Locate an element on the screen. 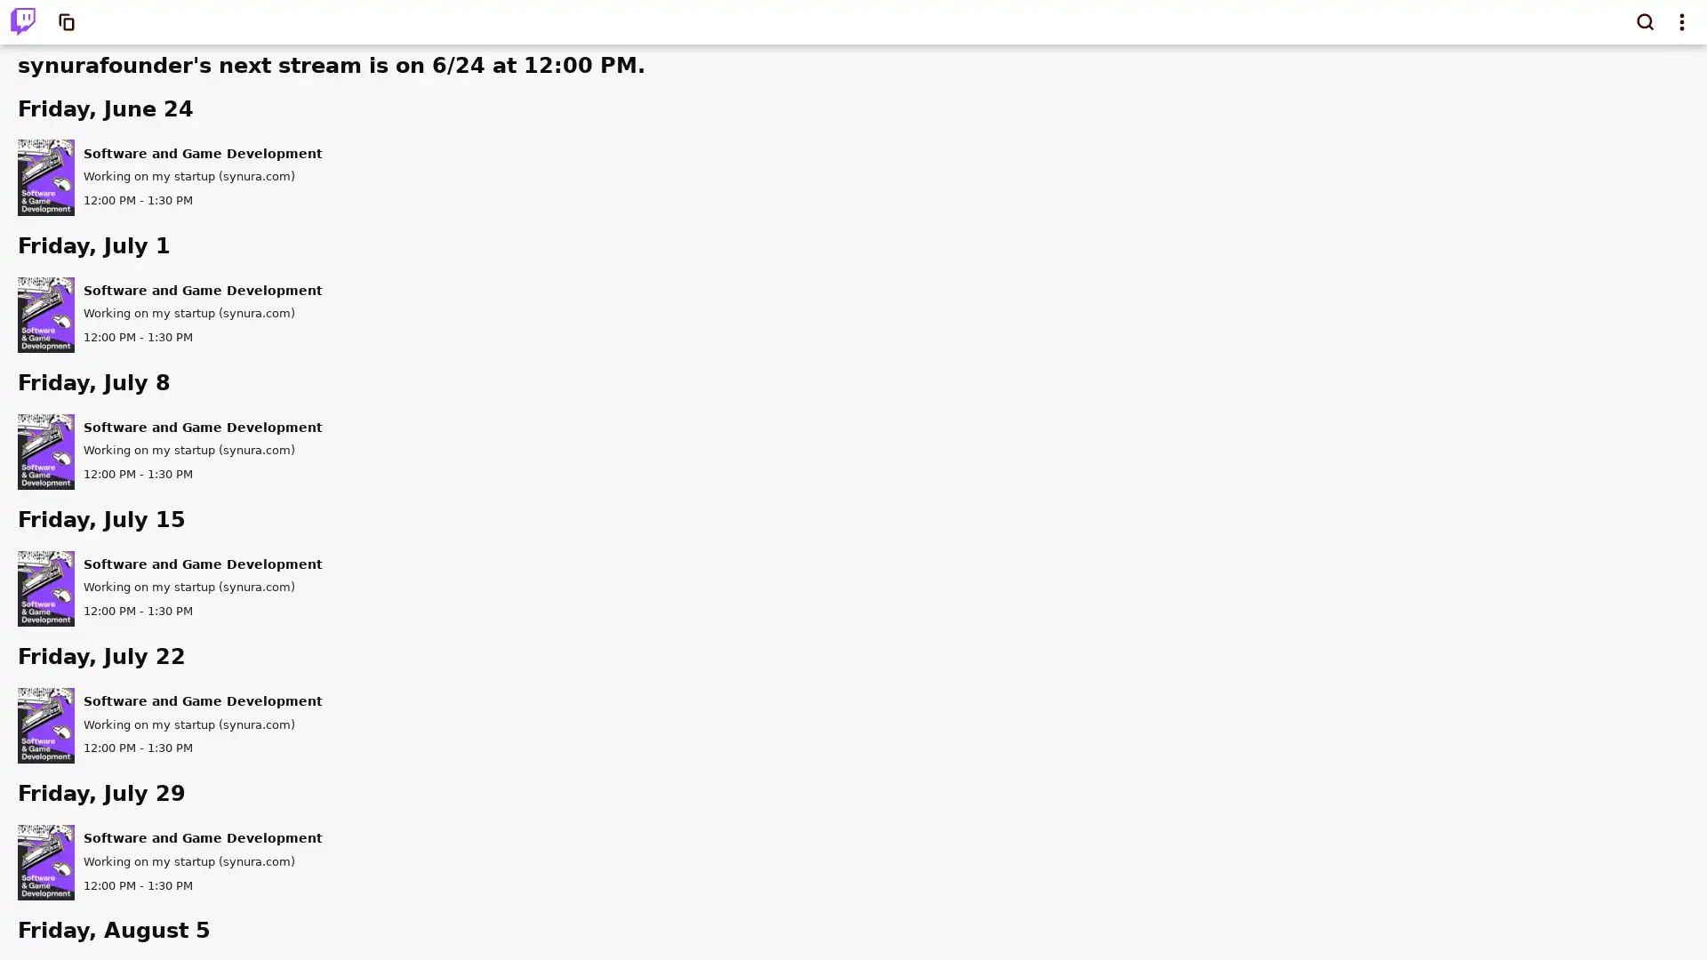  Search is located at coordinates (1645, 21).